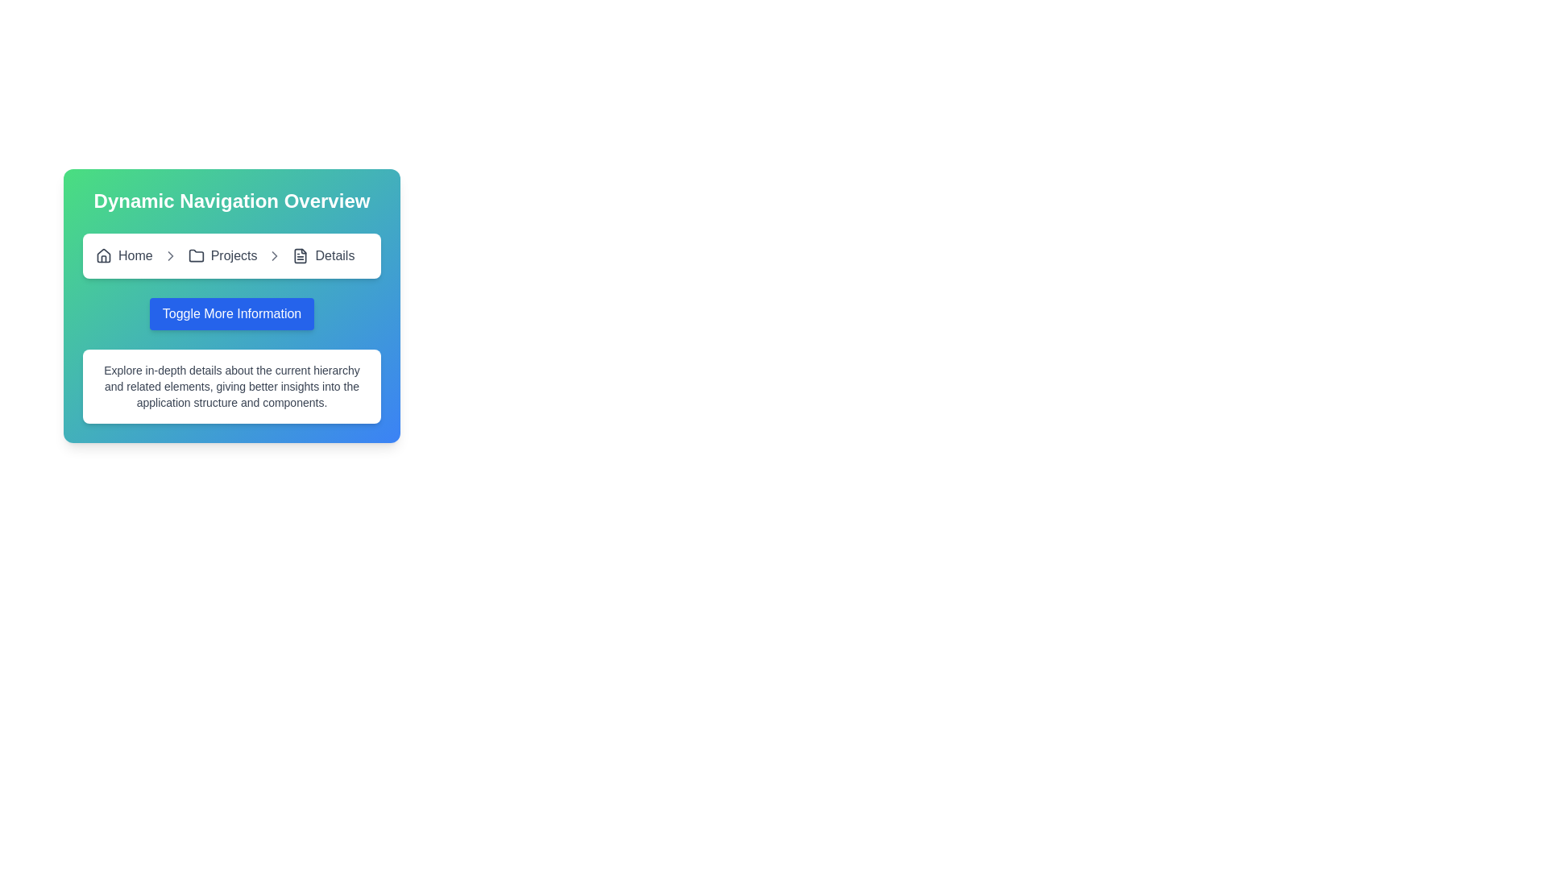  I want to click on the 'Details' link in the breadcrumb navigation, so click(322, 255).